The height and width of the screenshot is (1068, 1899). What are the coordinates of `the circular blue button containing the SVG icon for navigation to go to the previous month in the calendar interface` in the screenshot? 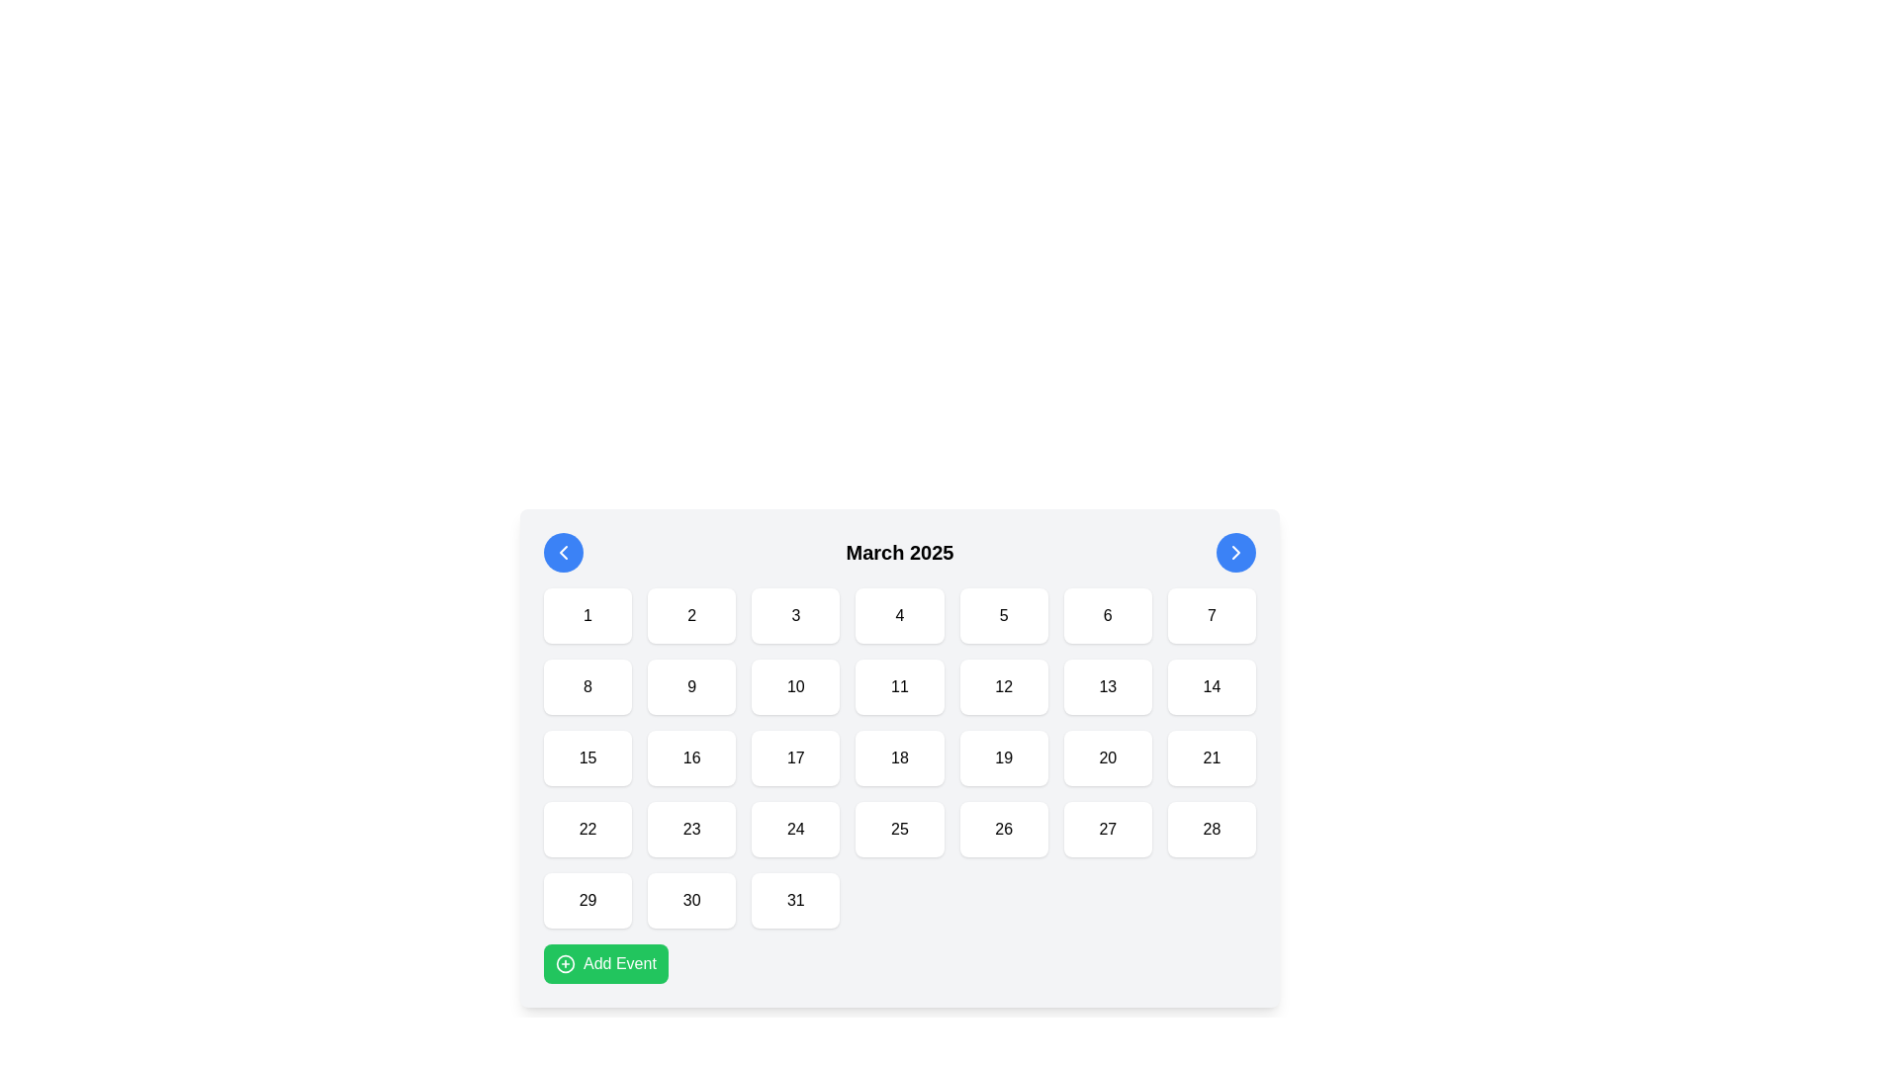 It's located at (563, 553).